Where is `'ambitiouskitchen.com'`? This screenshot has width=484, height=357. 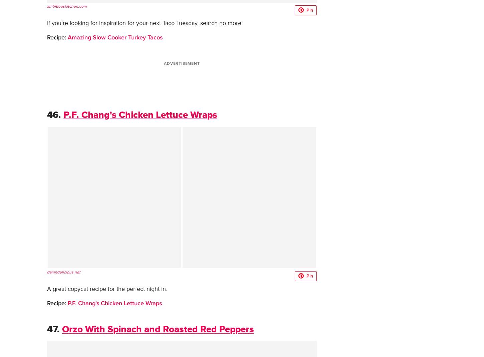 'ambitiouskitchen.com' is located at coordinates (66, 6).